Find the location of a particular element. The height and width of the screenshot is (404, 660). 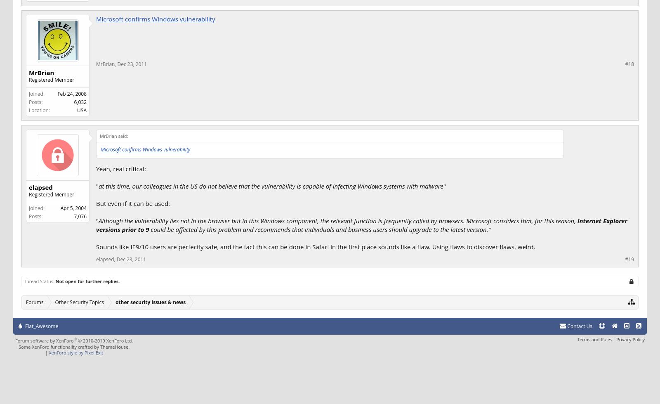

'Some XenForo functionality crafted by' is located at coordinates (59, 346).